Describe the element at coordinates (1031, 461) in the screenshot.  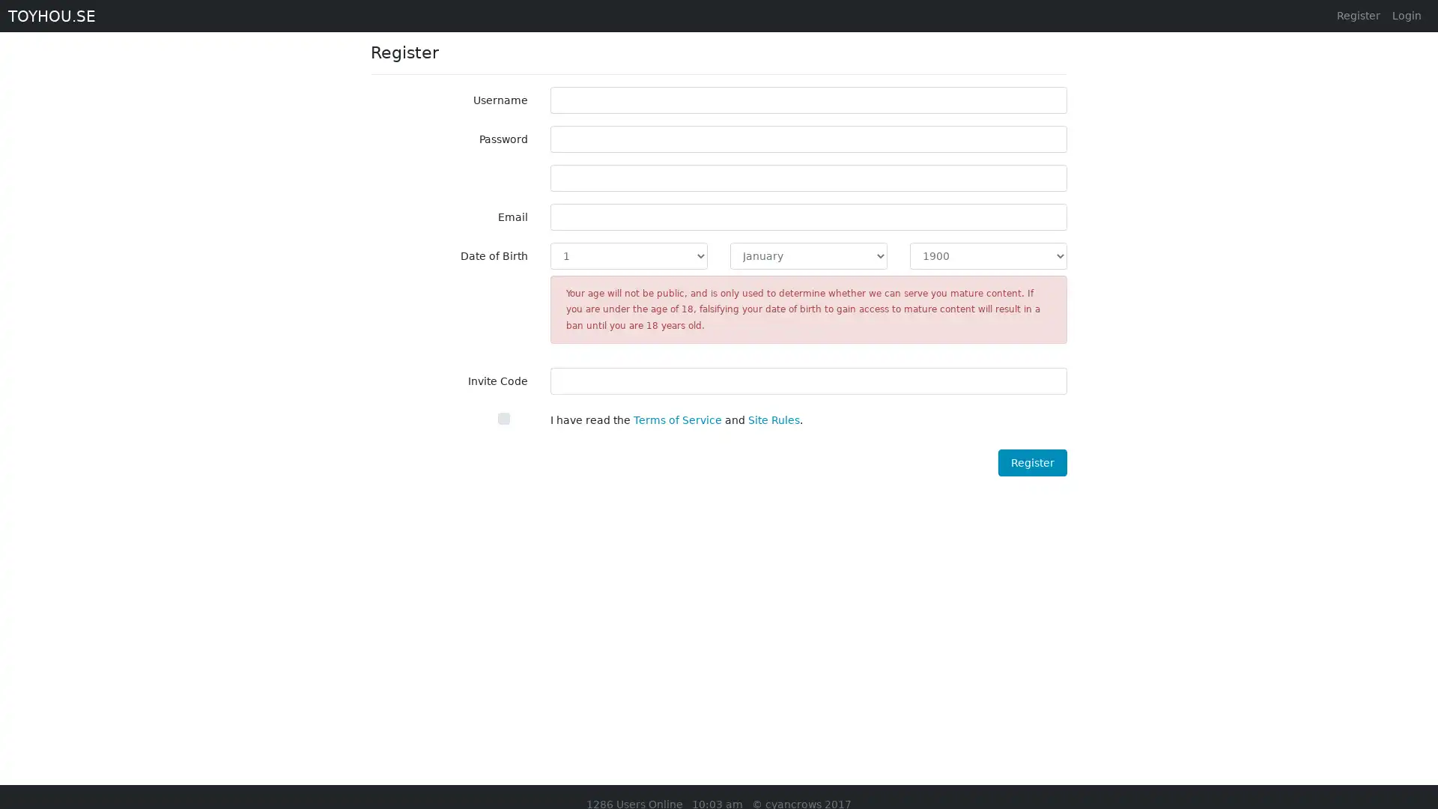
I see `Register` at that location.